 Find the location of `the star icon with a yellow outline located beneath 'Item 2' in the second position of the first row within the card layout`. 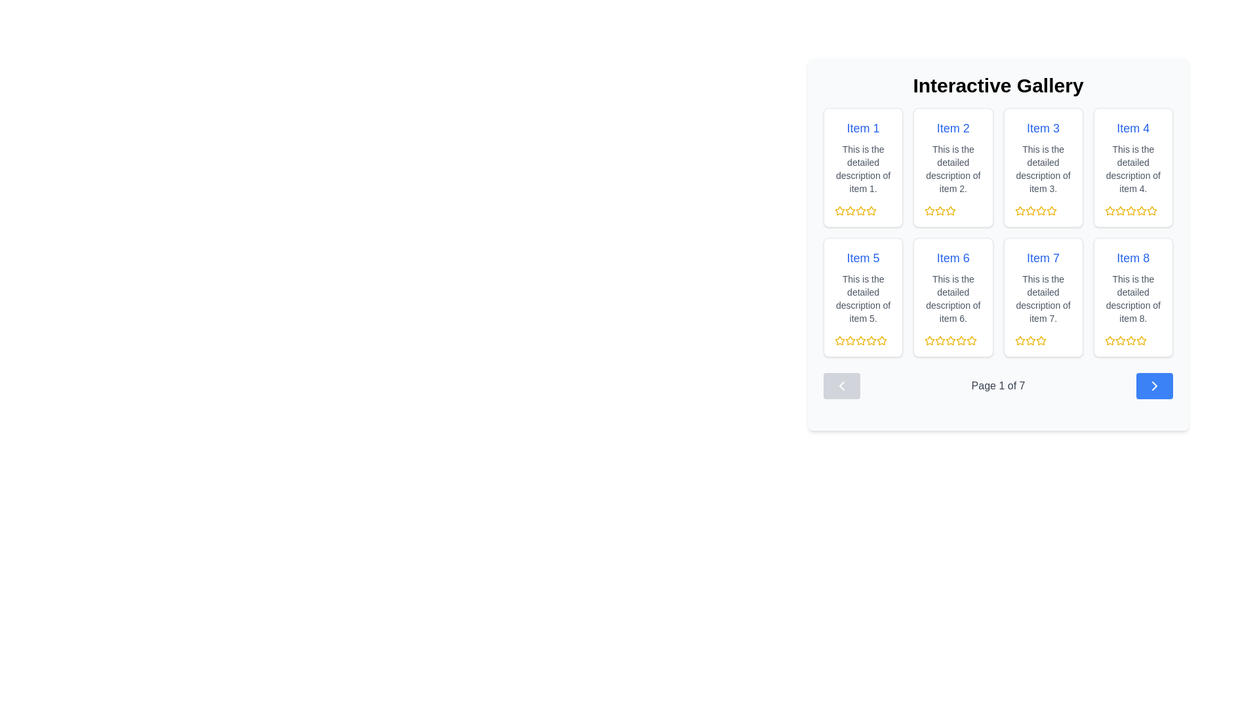

the star icon with a yellow outline located beneath 'Item 2' in the second position of the first row within the card layout is located at coordinates (951, 210).